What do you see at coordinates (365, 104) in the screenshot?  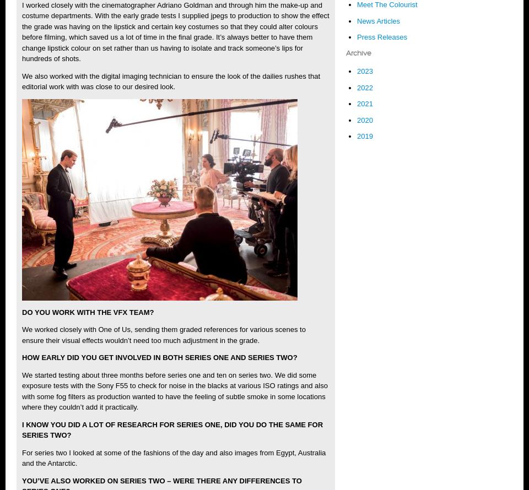 I see `'2021'` at bounding box center [365, 104].